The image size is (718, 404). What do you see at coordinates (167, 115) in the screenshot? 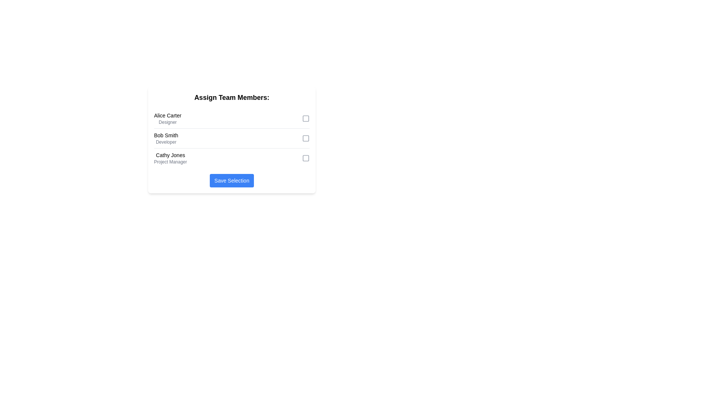
I see `text displayed on the Label showing 'Alice Carter', which is located above the title 'Designer' in the 'Assign Team Members' card` at bounding box center [167, 115].